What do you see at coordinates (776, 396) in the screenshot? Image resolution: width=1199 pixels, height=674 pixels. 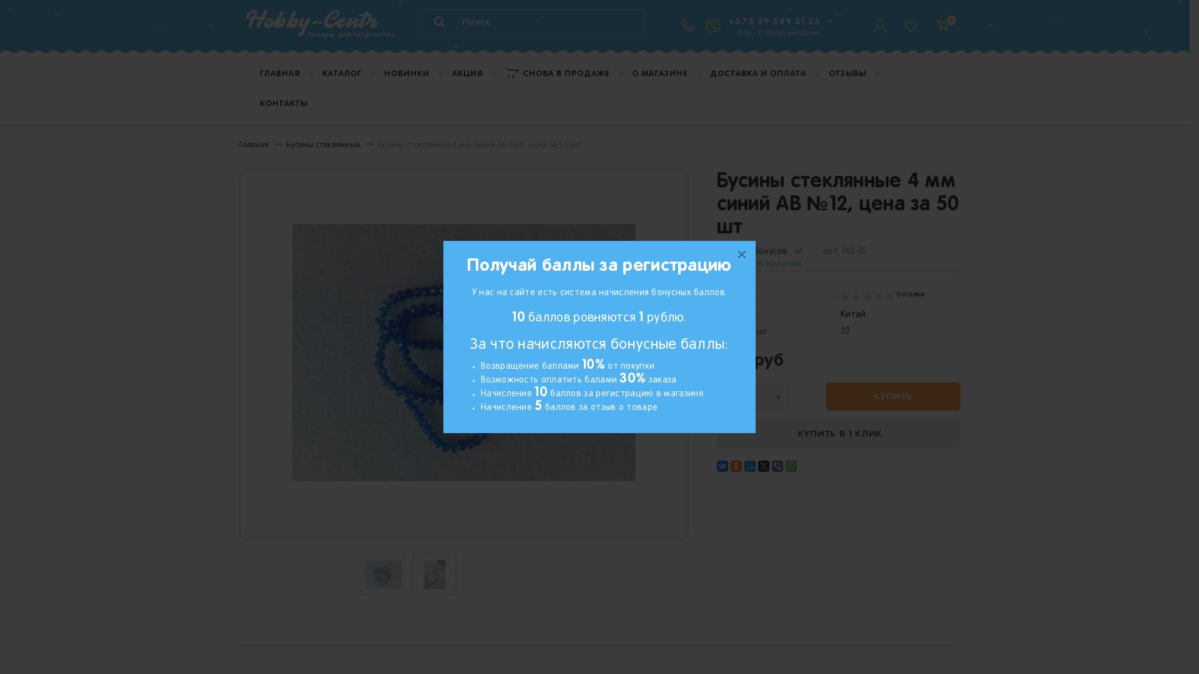 I see `'+'` at bounding box center [776, 396].